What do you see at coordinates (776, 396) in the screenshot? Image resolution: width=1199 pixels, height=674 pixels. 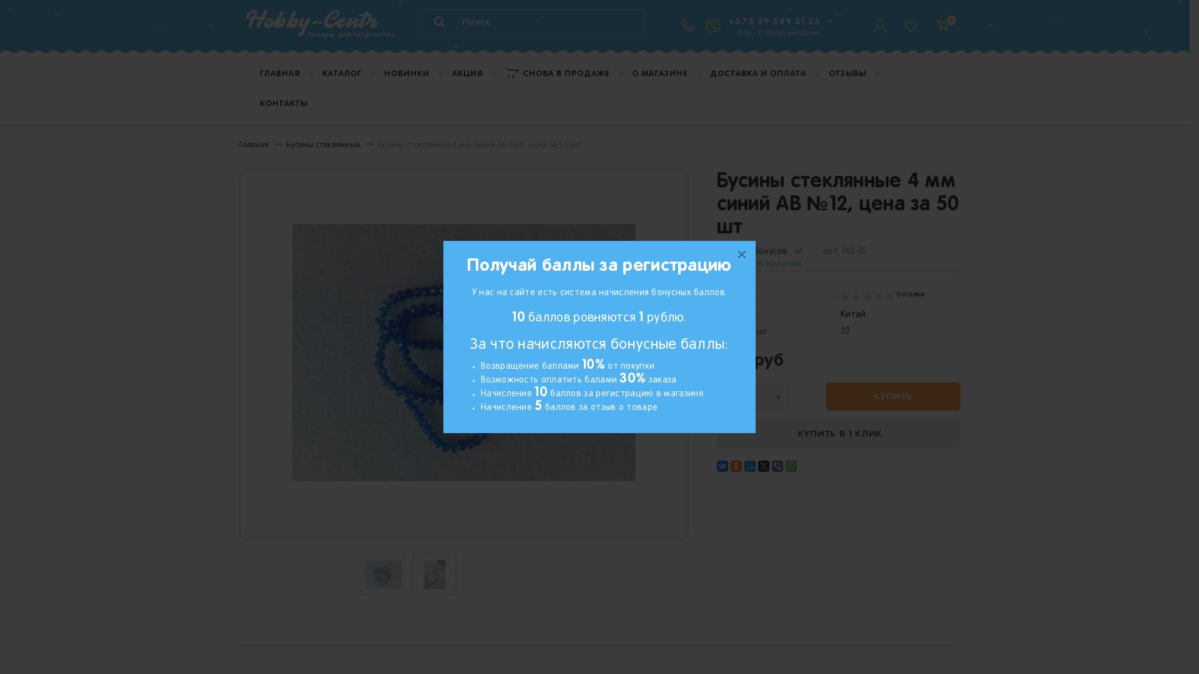 I see `'+'` at bounding box center [776, 396].